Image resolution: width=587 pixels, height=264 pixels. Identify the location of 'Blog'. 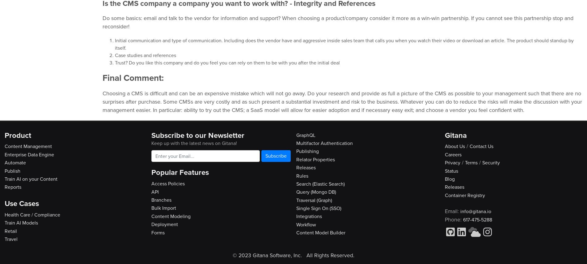
(450, 179).